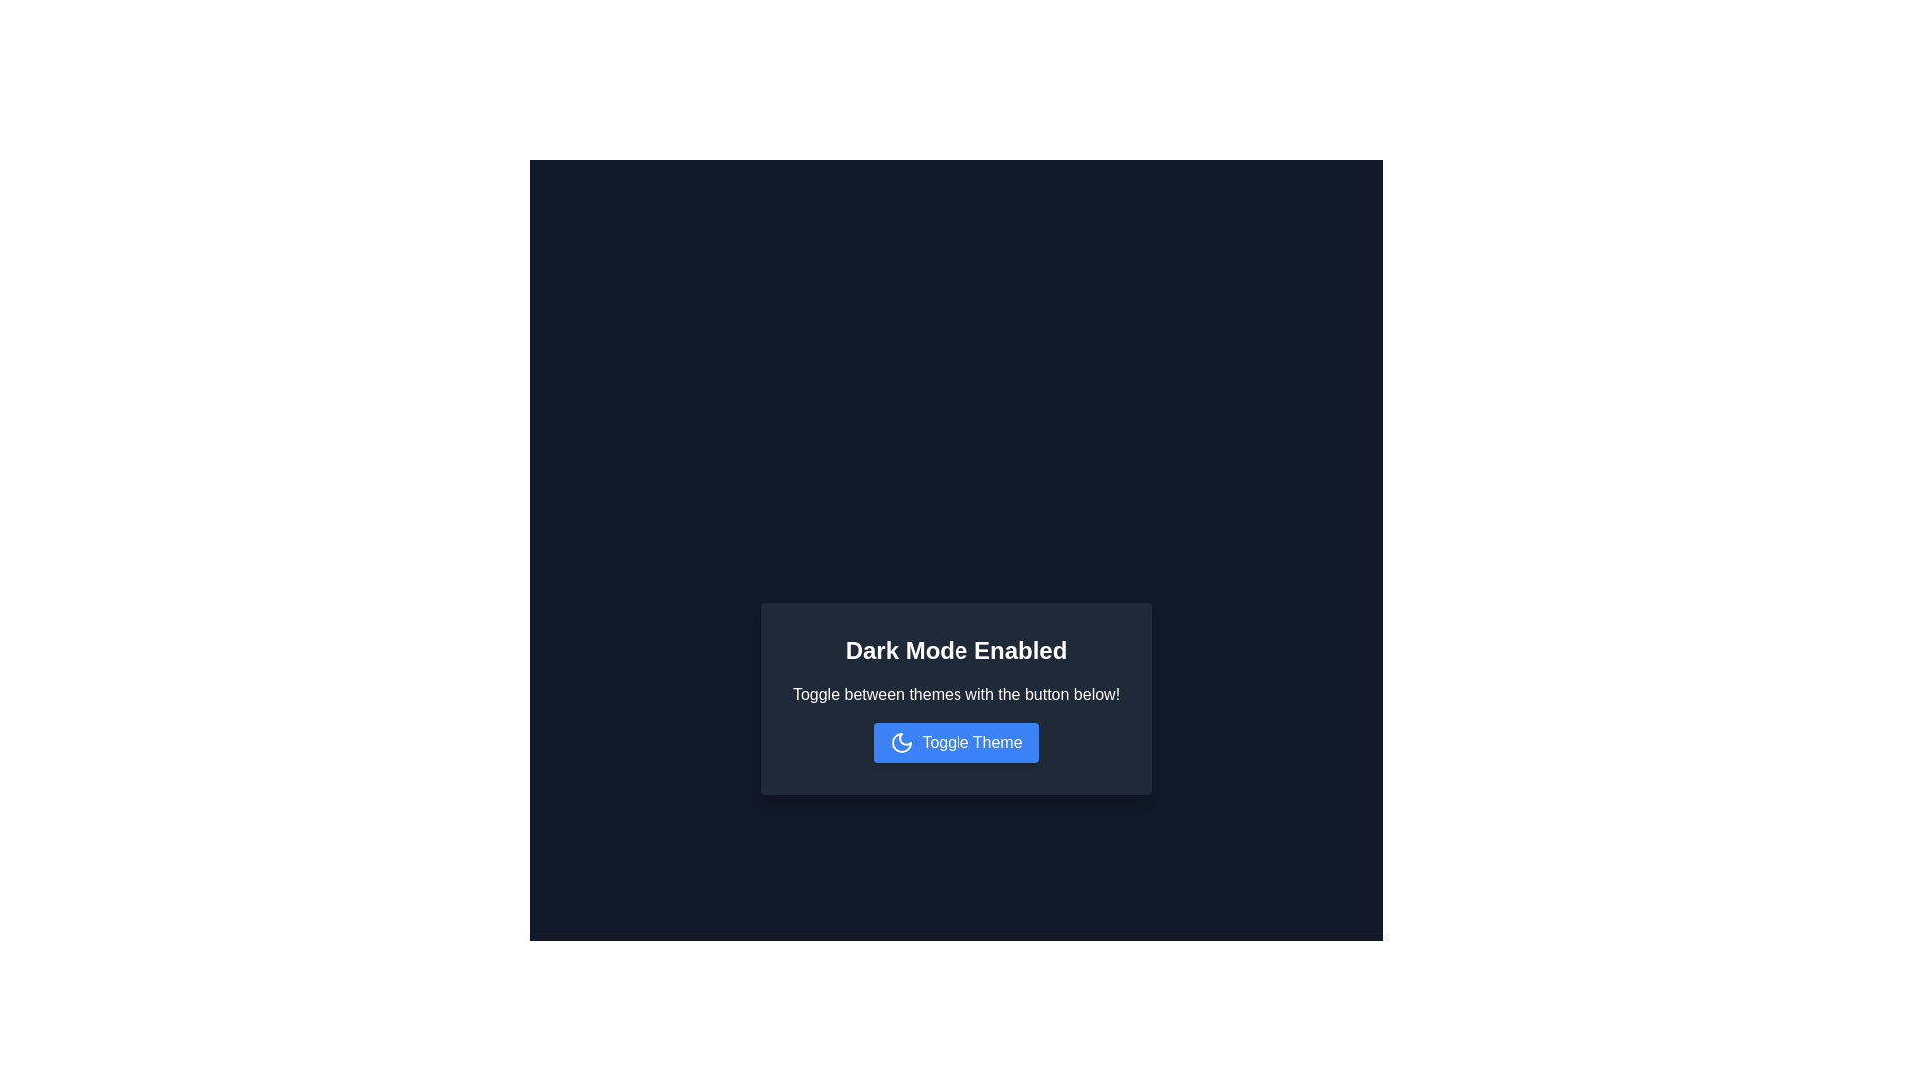 The width and height of the screenshot is (1917, 1078). I want to click on the moon-shaped icon located within the 'Toggle Theme' button, so click(901, 743).